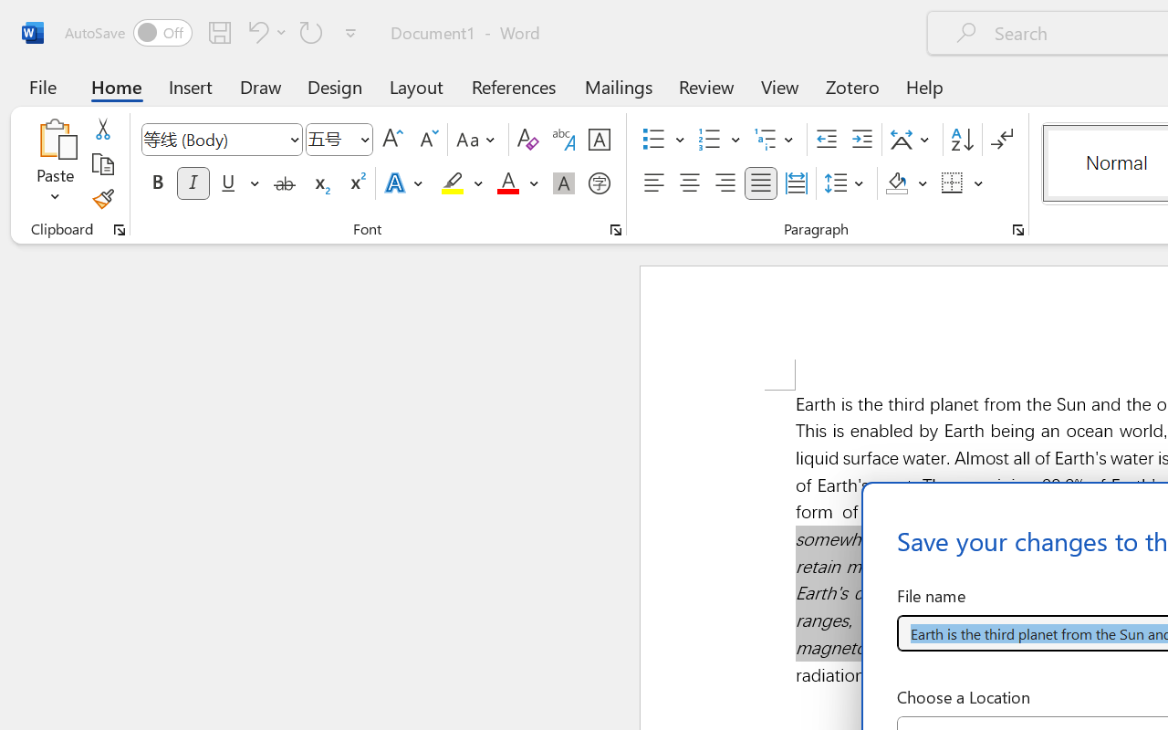  What do you see at coordinates (101, 163) in the screenshot?
I see `'Copy'` at bounding box center [101, 163].